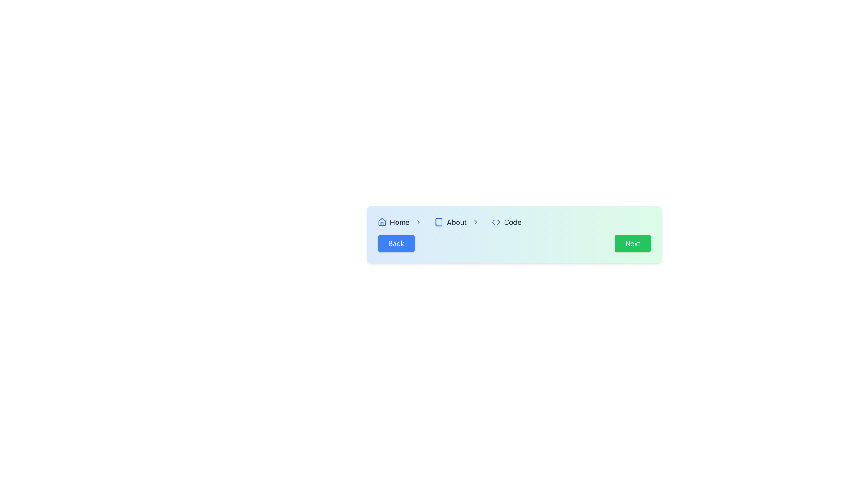 The image size is (852, 479). Describe the element at coordinates (459, 222) in the screenshot. I see `the 'About' navigation link in the breadcrumb navigation bar` at that location.